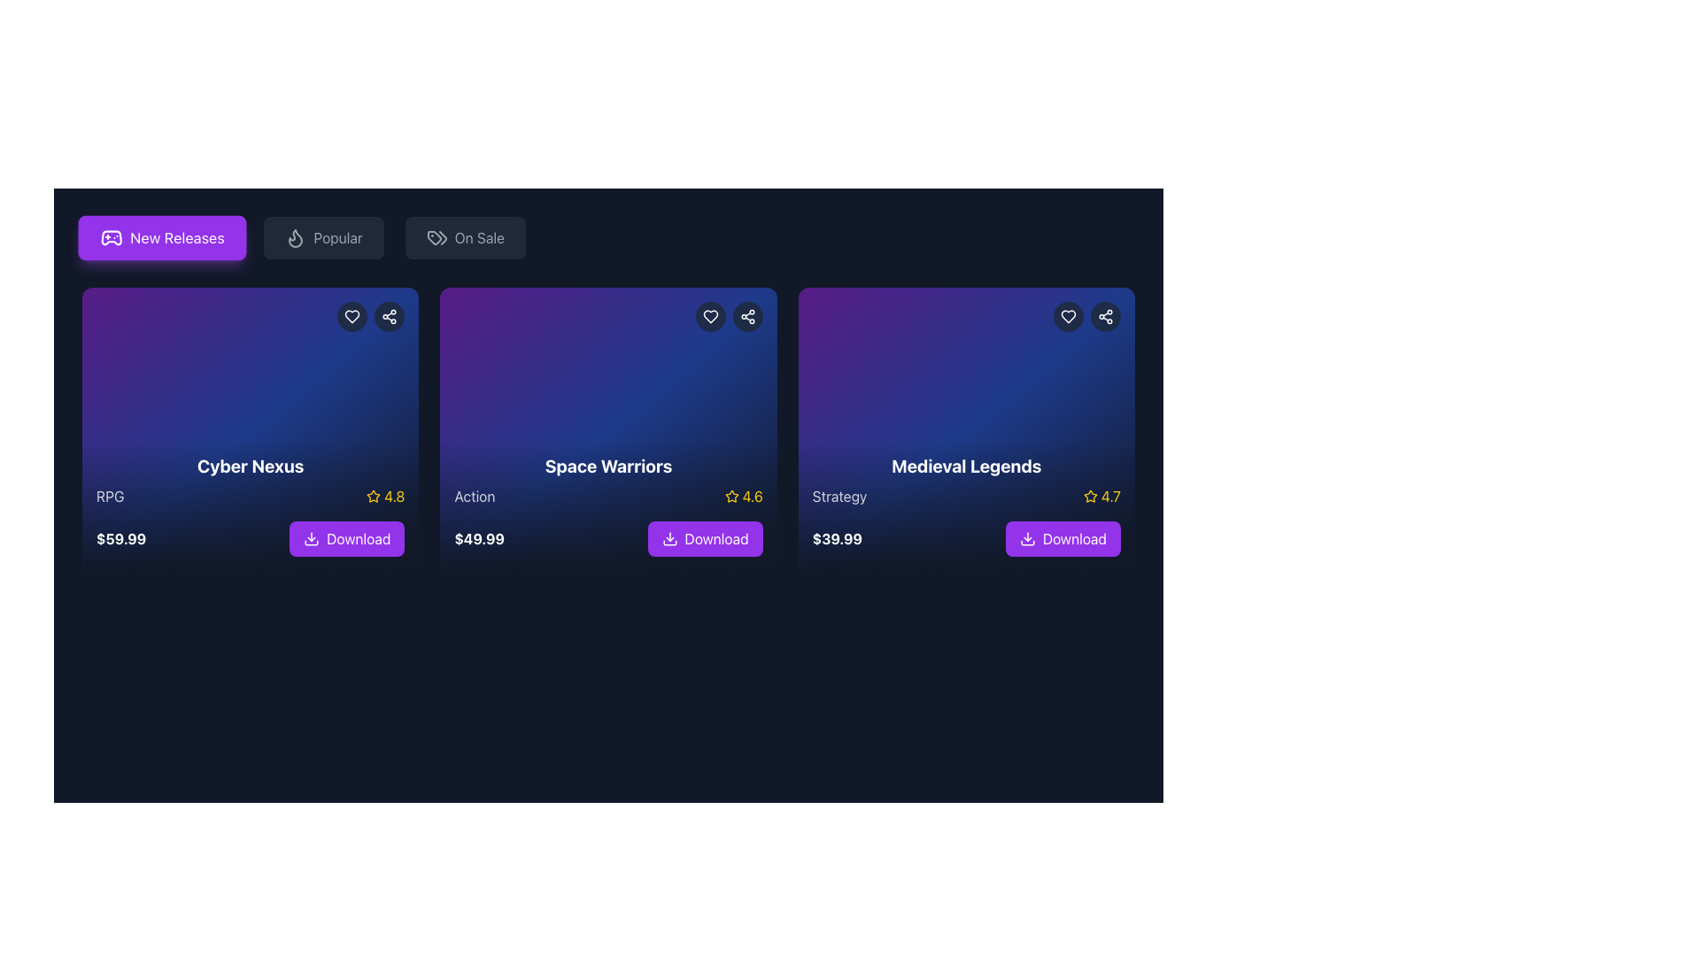 This screenshot has height=956, width=1700. What do you see at coordinates (965, 505) in the screenshot?
I see `the 'Medieval Legends' game card, which is the third card in the 'New Releases' section` at bounding box center [965, 505].